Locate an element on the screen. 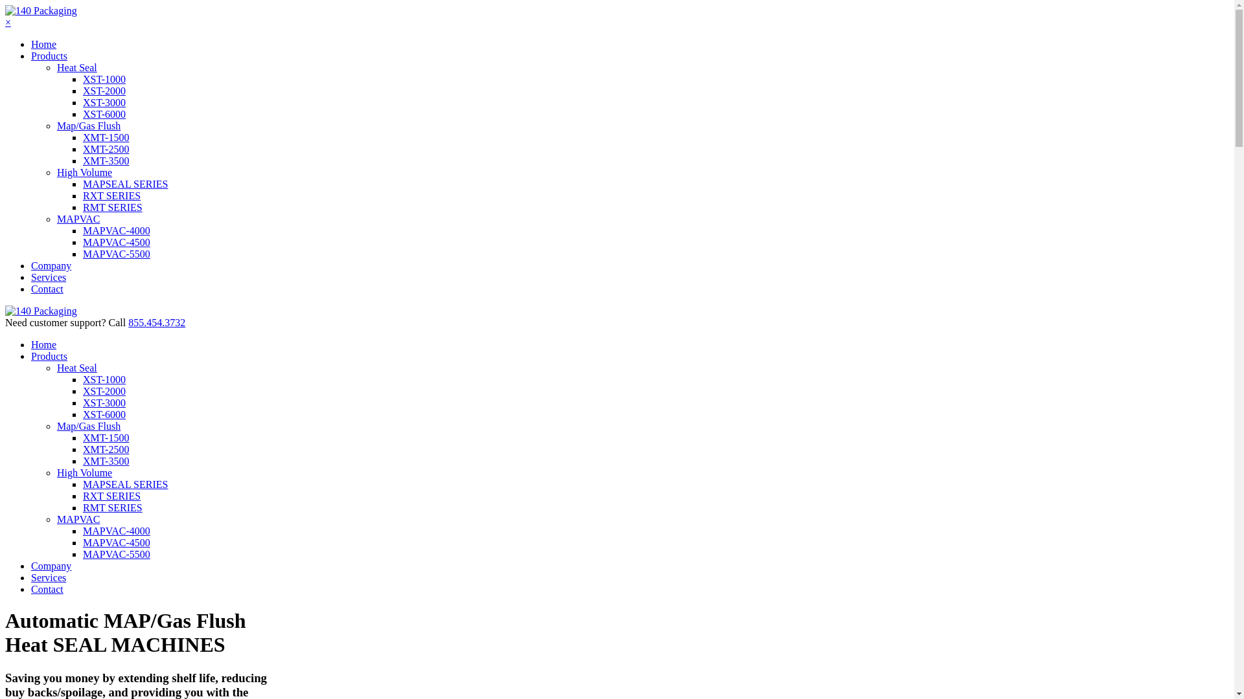 Image resolution: width=1244 pixels, height=699 pixels. 'MAPVAC-5500' is located at coordinates (117, 254).